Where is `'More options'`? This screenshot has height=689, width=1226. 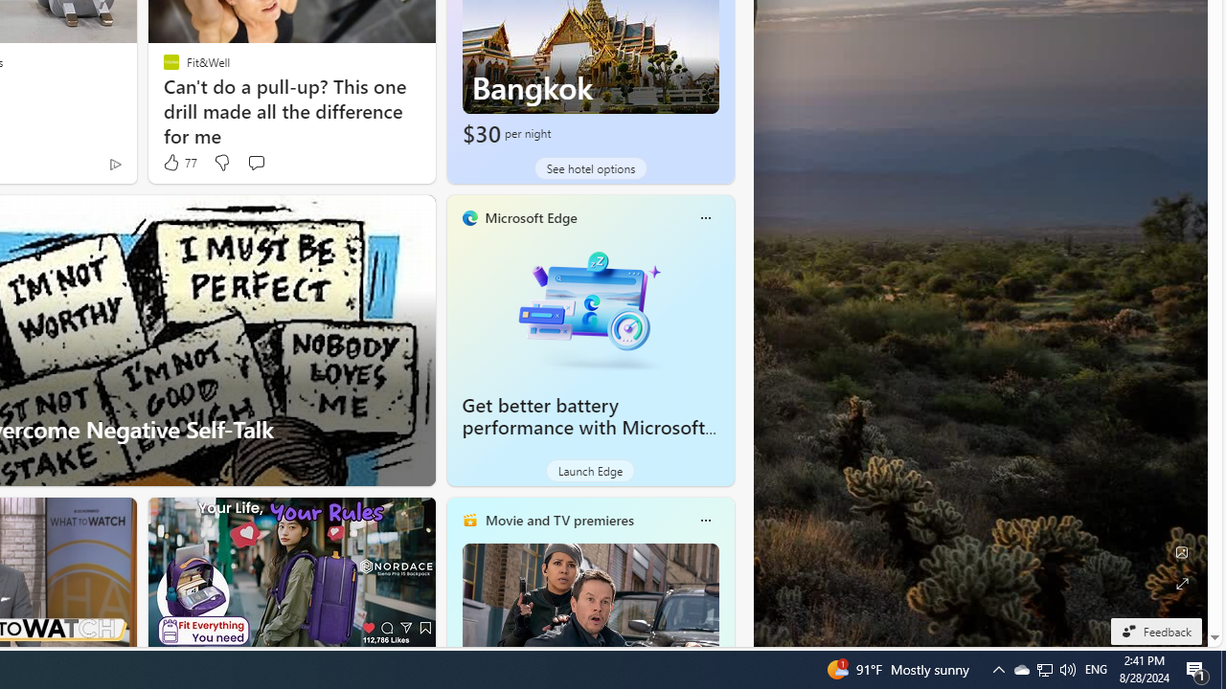 'More options' is located at coordinates (704, 520).